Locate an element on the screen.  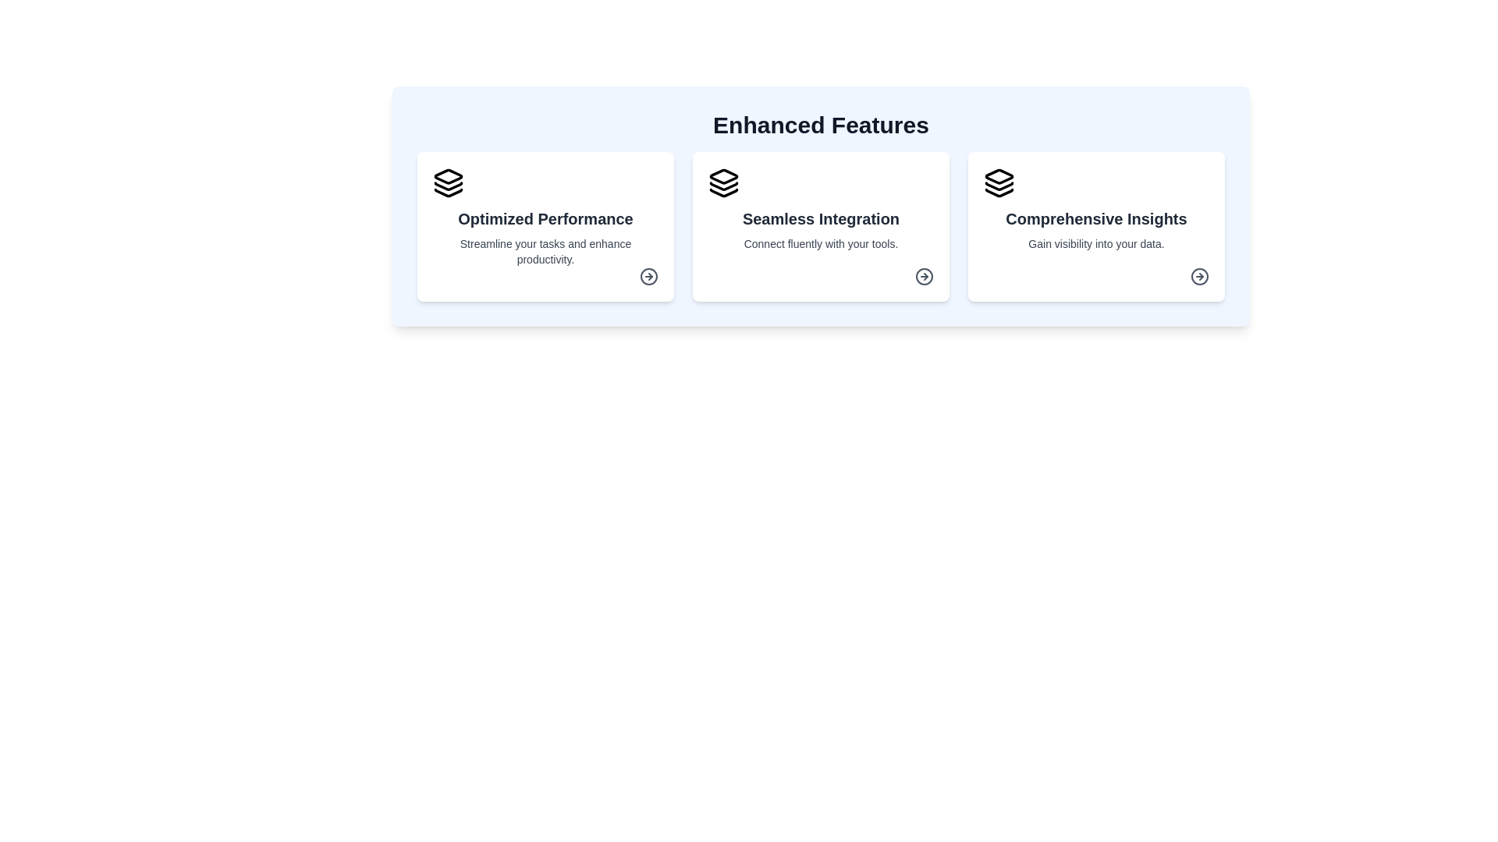
the layers icon located at the top of the 'Comprehensive Insights' card, which is on the far right within the 'Enhanced Features' row is located at coordinates (999, 182).